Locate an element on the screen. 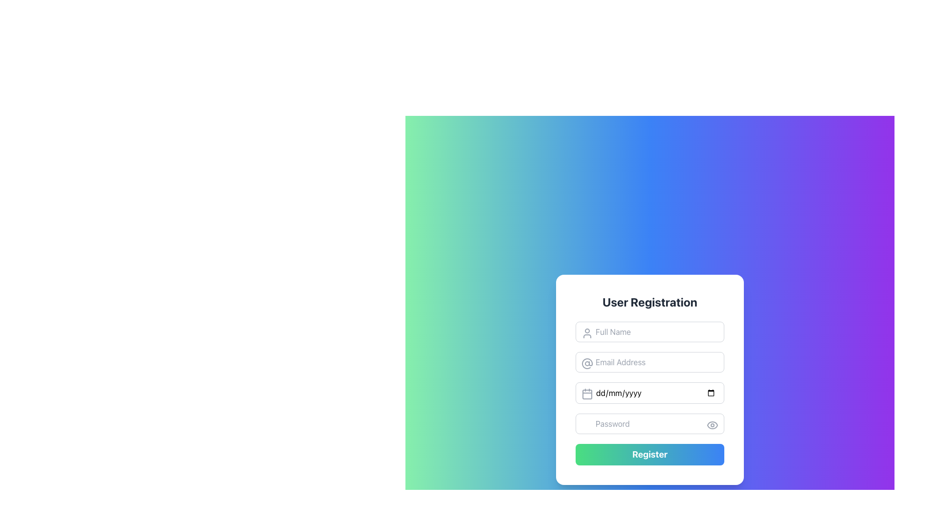 The image size is (939, 528). the '@' symbol icon that indicates the email address entry in the registration form is located at coordinates (587, 364).